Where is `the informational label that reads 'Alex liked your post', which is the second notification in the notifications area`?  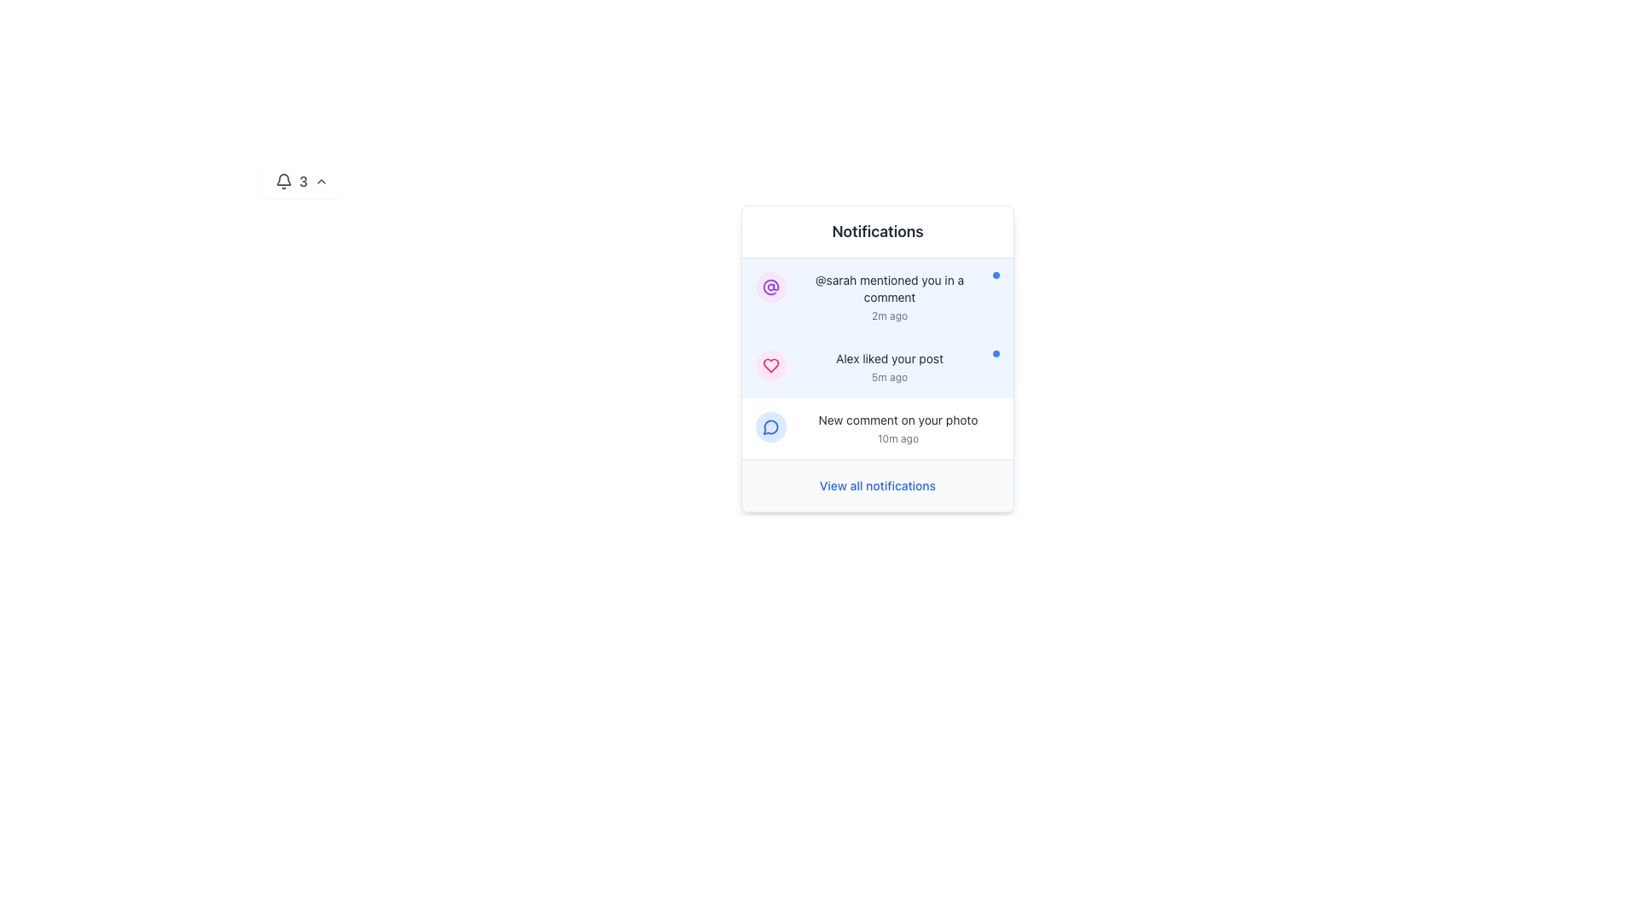 the informational label that reads 'Alex liked your post', which is the second notification in the notifications area is located at coordinates (888, 367).